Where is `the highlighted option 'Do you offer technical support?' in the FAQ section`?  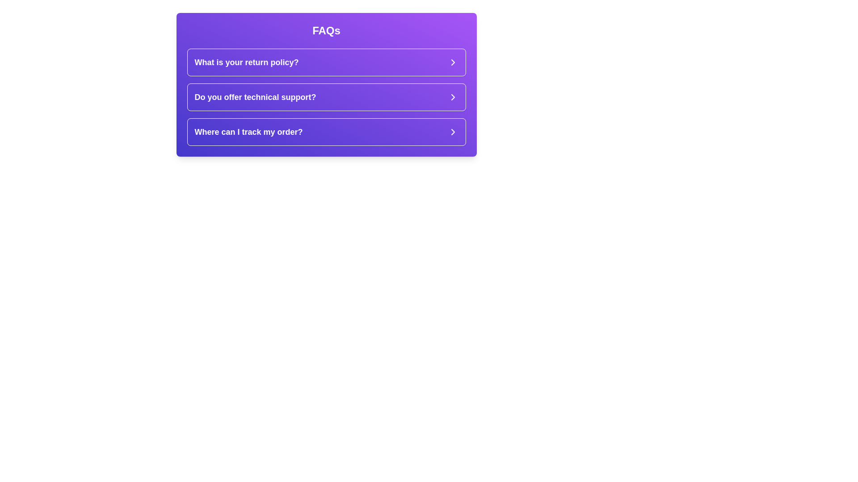 the highlighted option 'Do you offer technical support?' in the FAQ section is located at coordinates (326, 97).